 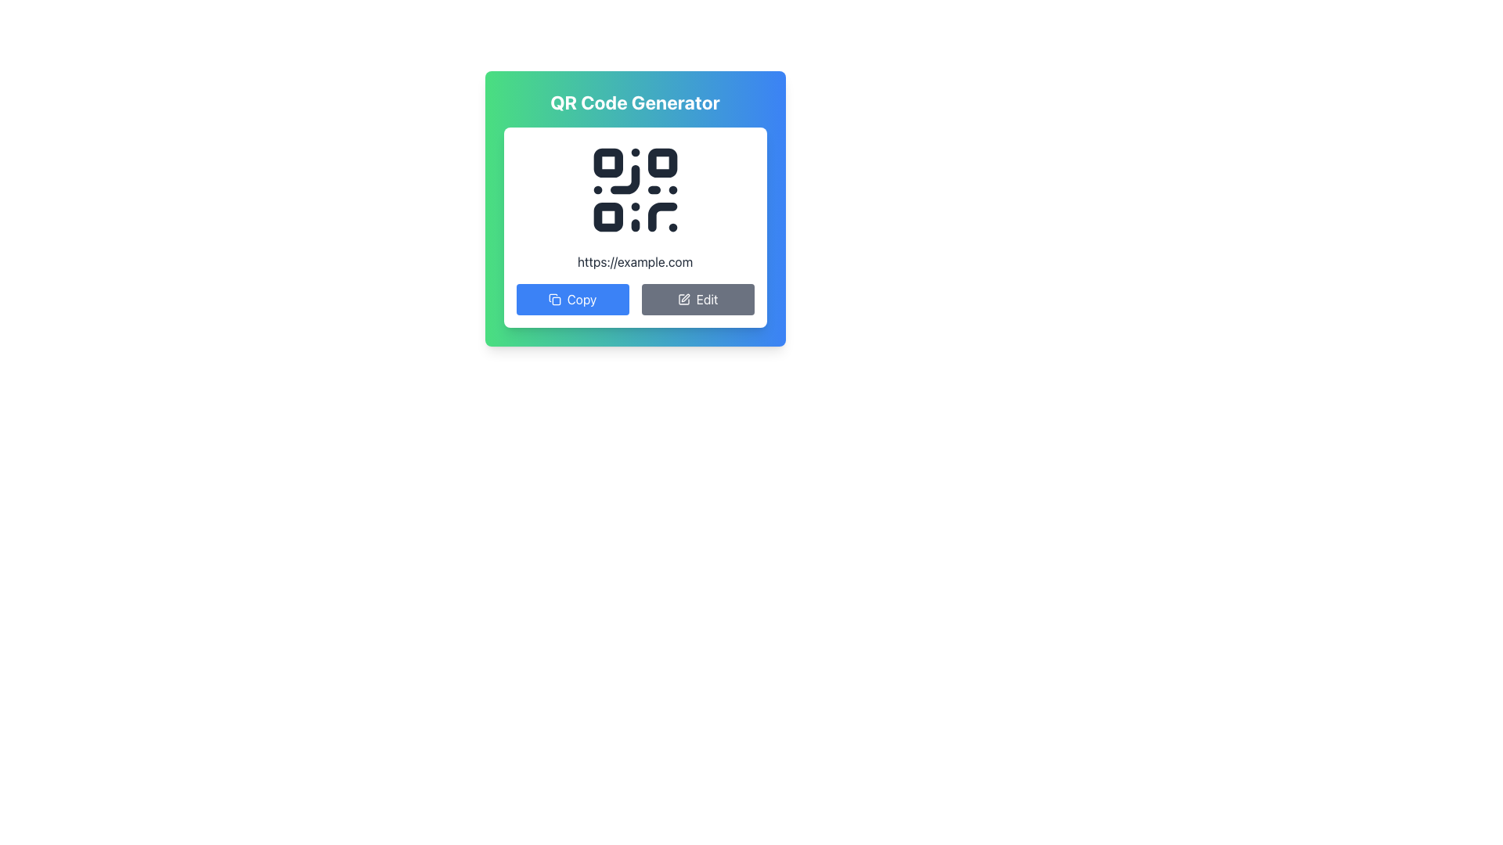 I want to click on the 'Copy' button with a blue background and white text, so click(x=571, y=299).